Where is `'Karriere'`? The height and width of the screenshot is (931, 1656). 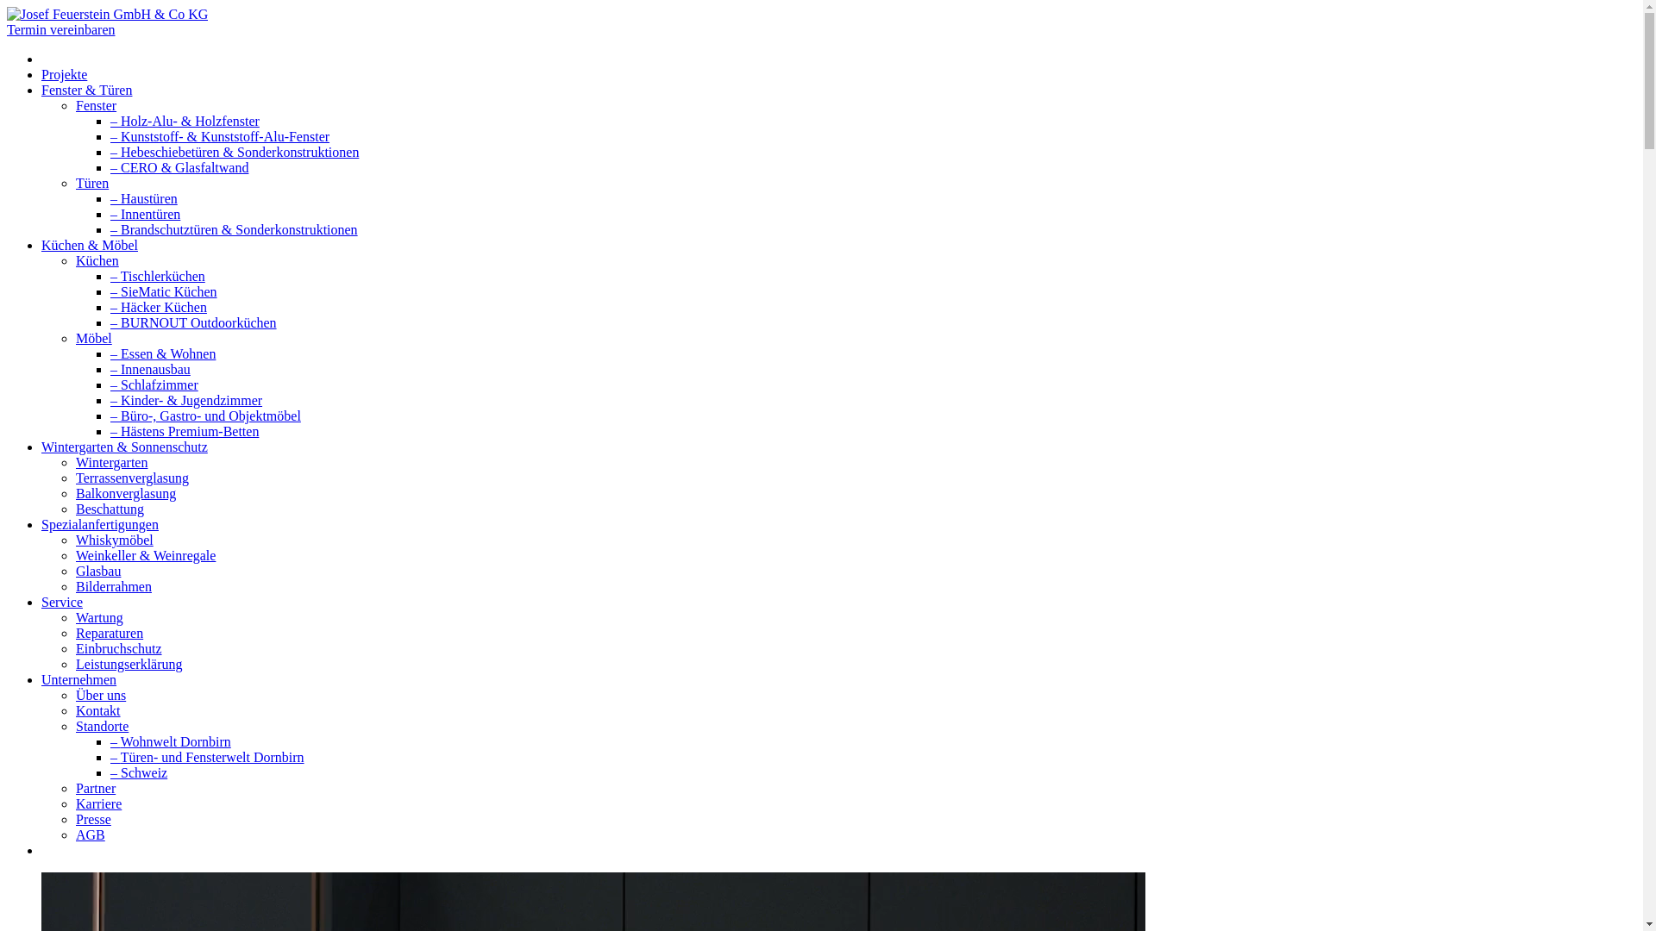 'Karriere' is located at coordinates (97, 803).